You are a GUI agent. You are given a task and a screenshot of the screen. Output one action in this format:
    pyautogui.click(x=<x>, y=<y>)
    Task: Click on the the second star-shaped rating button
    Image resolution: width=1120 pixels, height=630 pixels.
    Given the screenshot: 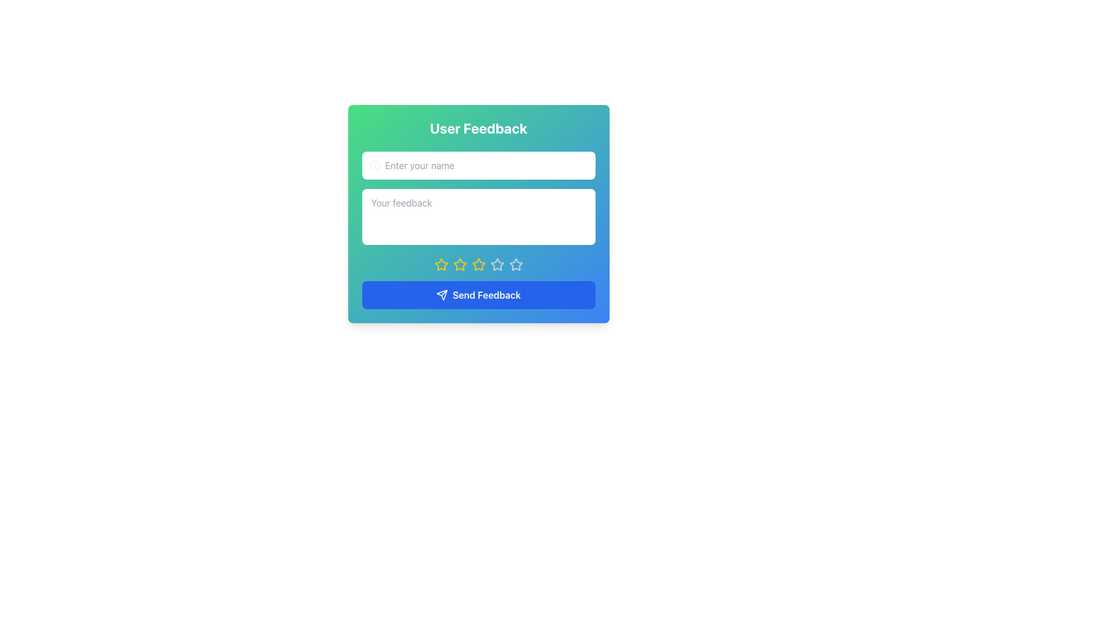 What is the action you would take?
    pyautogui.click(x=440, y=264)
    